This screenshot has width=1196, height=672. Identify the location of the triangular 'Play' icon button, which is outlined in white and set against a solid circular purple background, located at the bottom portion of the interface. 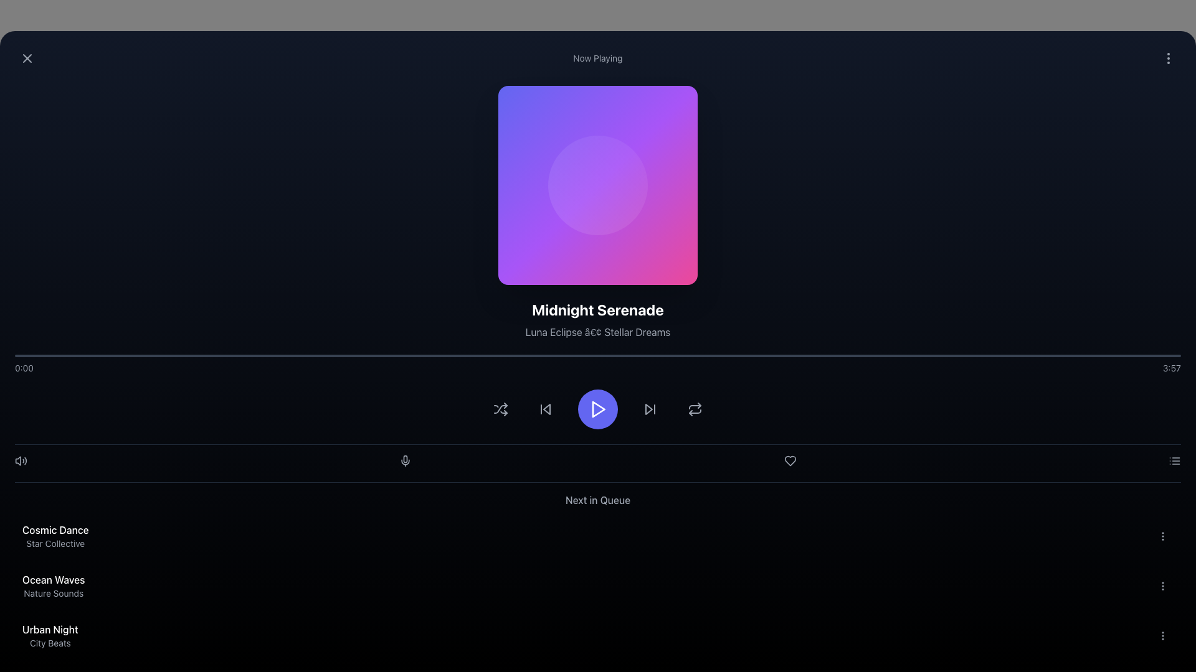
(598, 409).